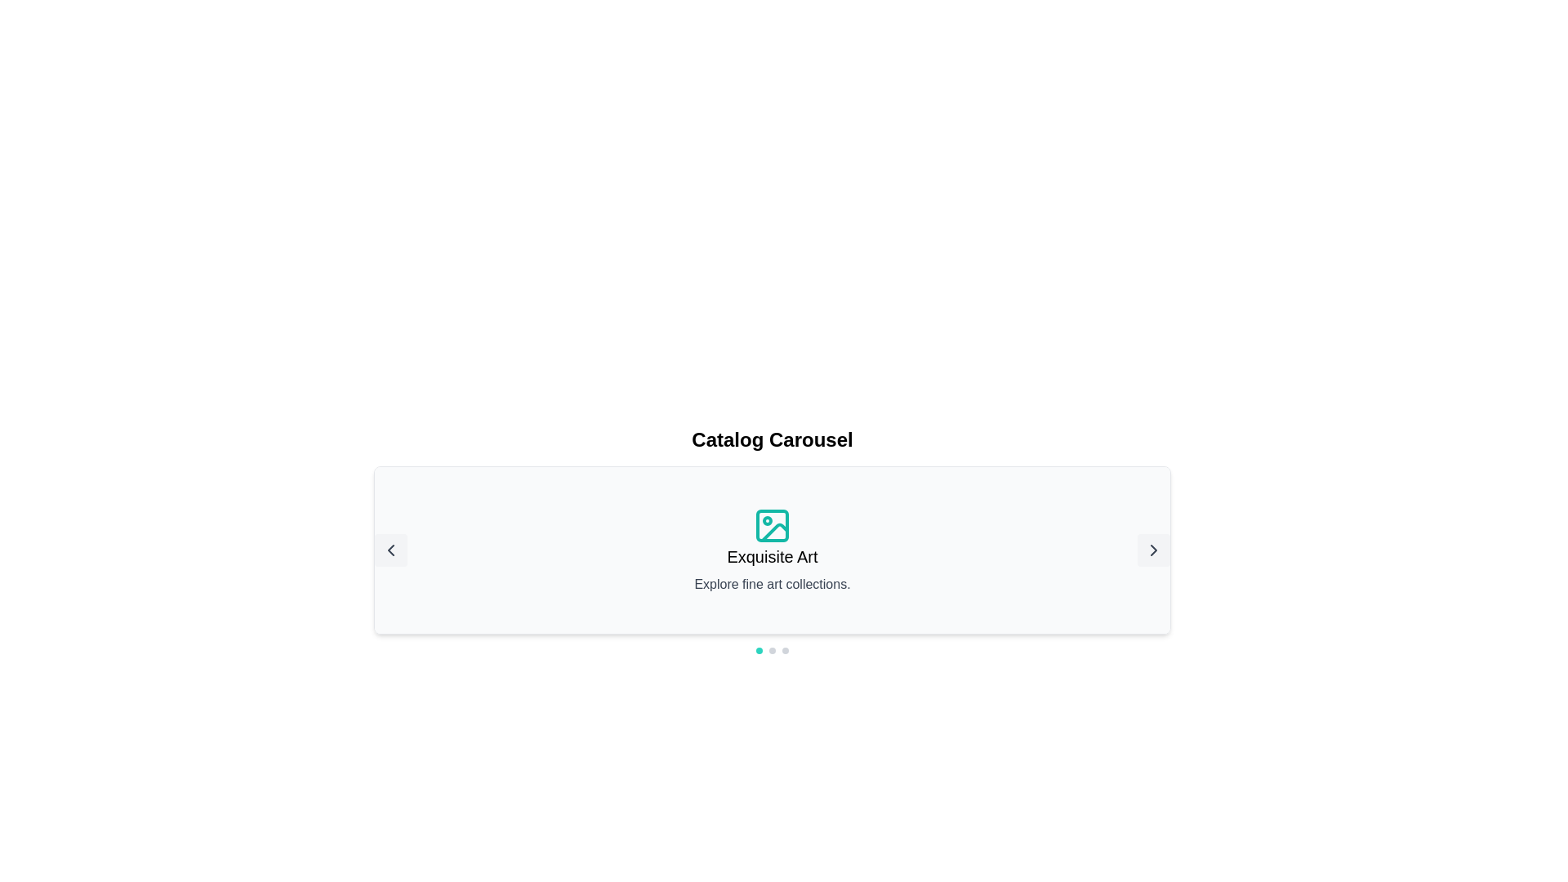 This screenshot has height=882, width=1568. What do you see at coordinates (1152, 550) in the screenshot?
I see `the right navigation button of the carousel component` at bounding box center [1152, 550].